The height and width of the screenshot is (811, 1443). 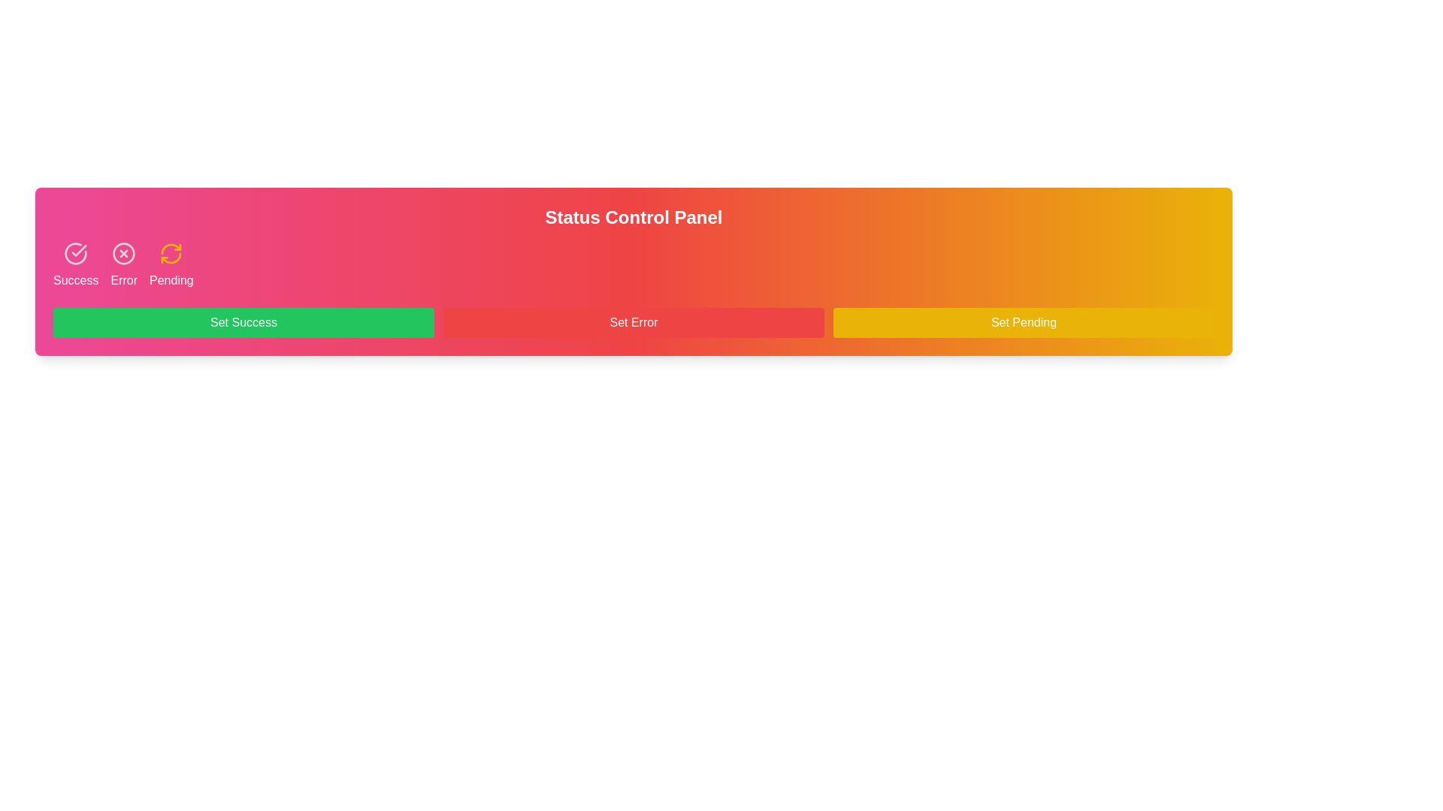 I want to click on the error state icon located in the top-left portion of the interface, immediately to the right of the 'Success' icon and to the left of the 'Pending' icon, so click(x=124, y=253).